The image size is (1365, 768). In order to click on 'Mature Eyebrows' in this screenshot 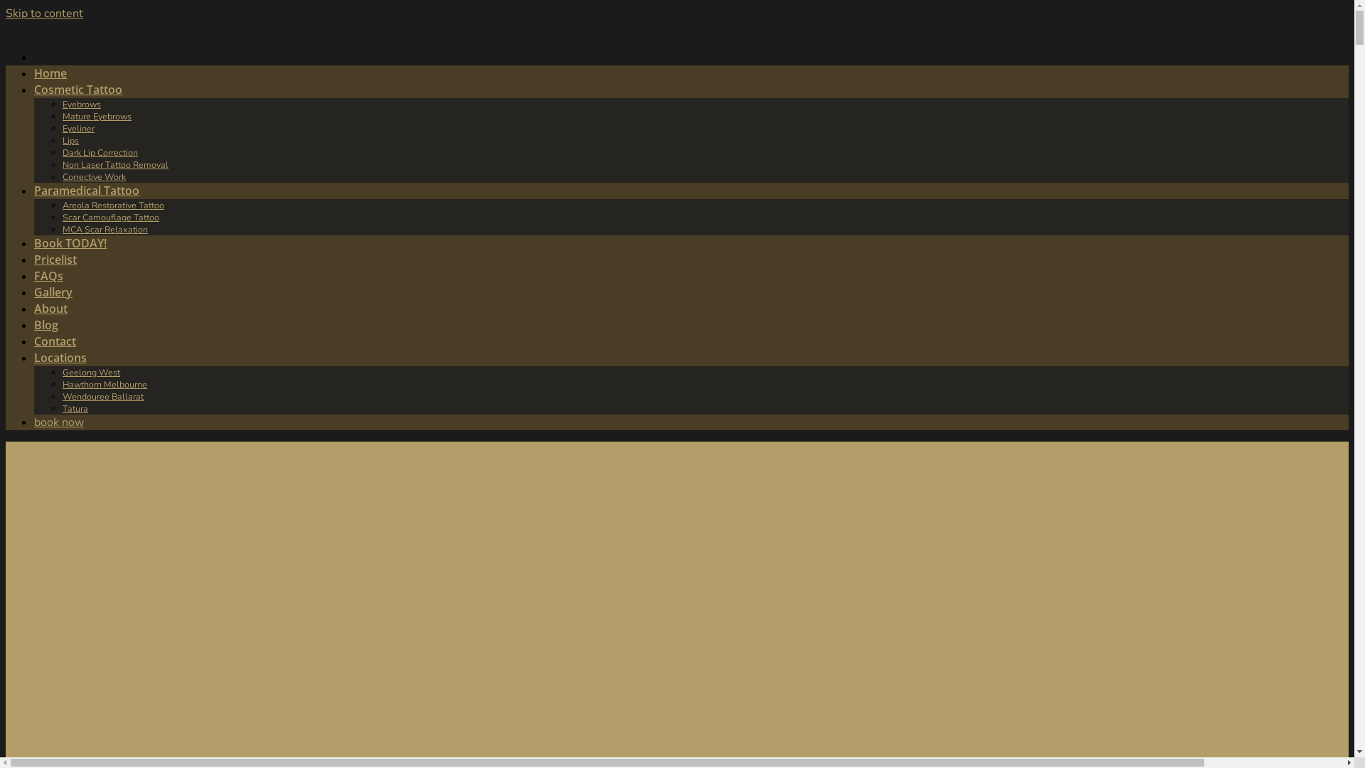, I will do `click(96, 115)`.